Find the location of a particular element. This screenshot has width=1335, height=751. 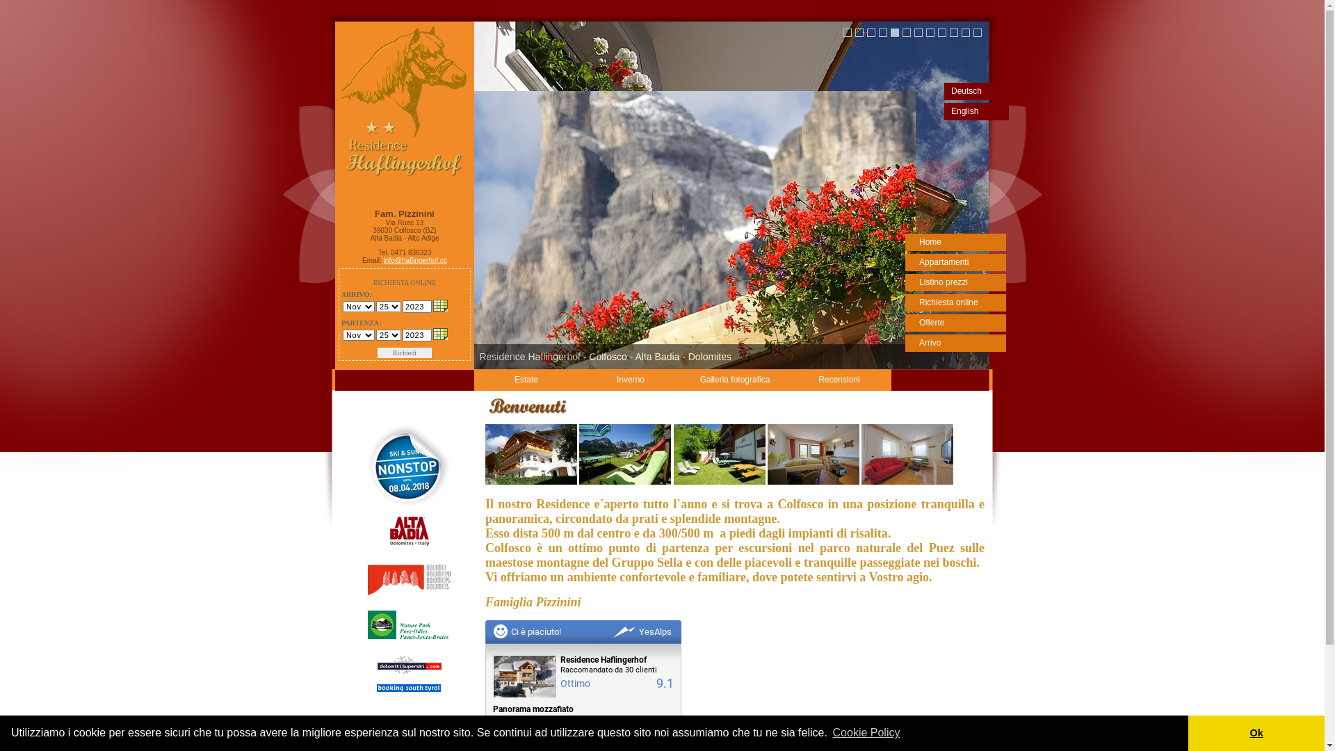

'info@haflingerhof.cc' is located at coordinates (414, 260).